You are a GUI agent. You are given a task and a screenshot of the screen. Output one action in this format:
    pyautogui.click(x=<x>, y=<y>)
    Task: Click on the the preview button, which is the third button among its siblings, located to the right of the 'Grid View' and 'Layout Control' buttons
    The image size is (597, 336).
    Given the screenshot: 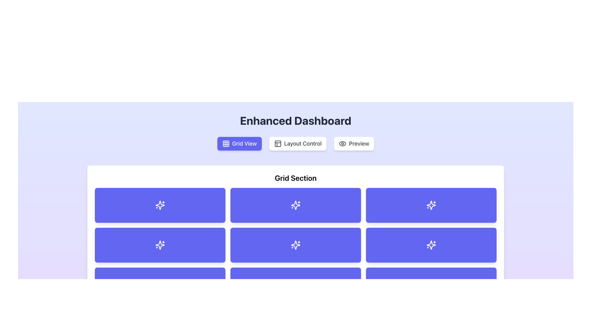 What is the action you would take?
    pyautogui.click(x=354, y=144)
    